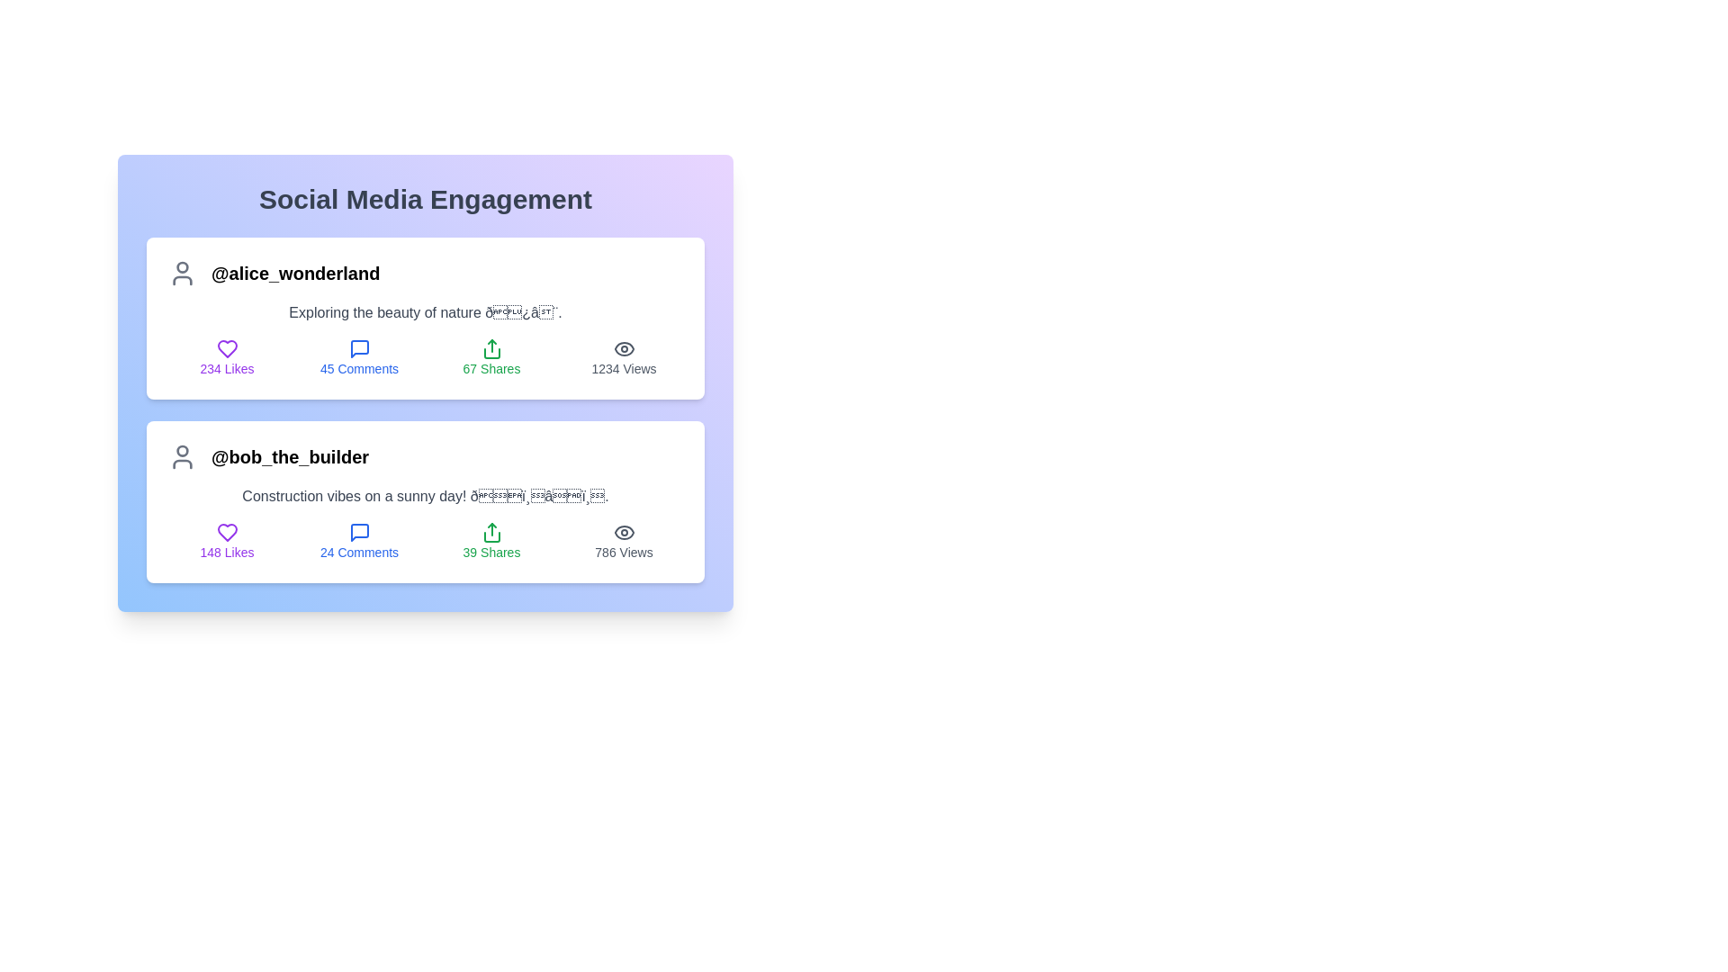  Describe the element at coordinates (425, 456) in the screenshot. I see `the username display element '@bob_the_builder' located at the top-left corner of the second sub-content section in the social media engagement panel` at that location.